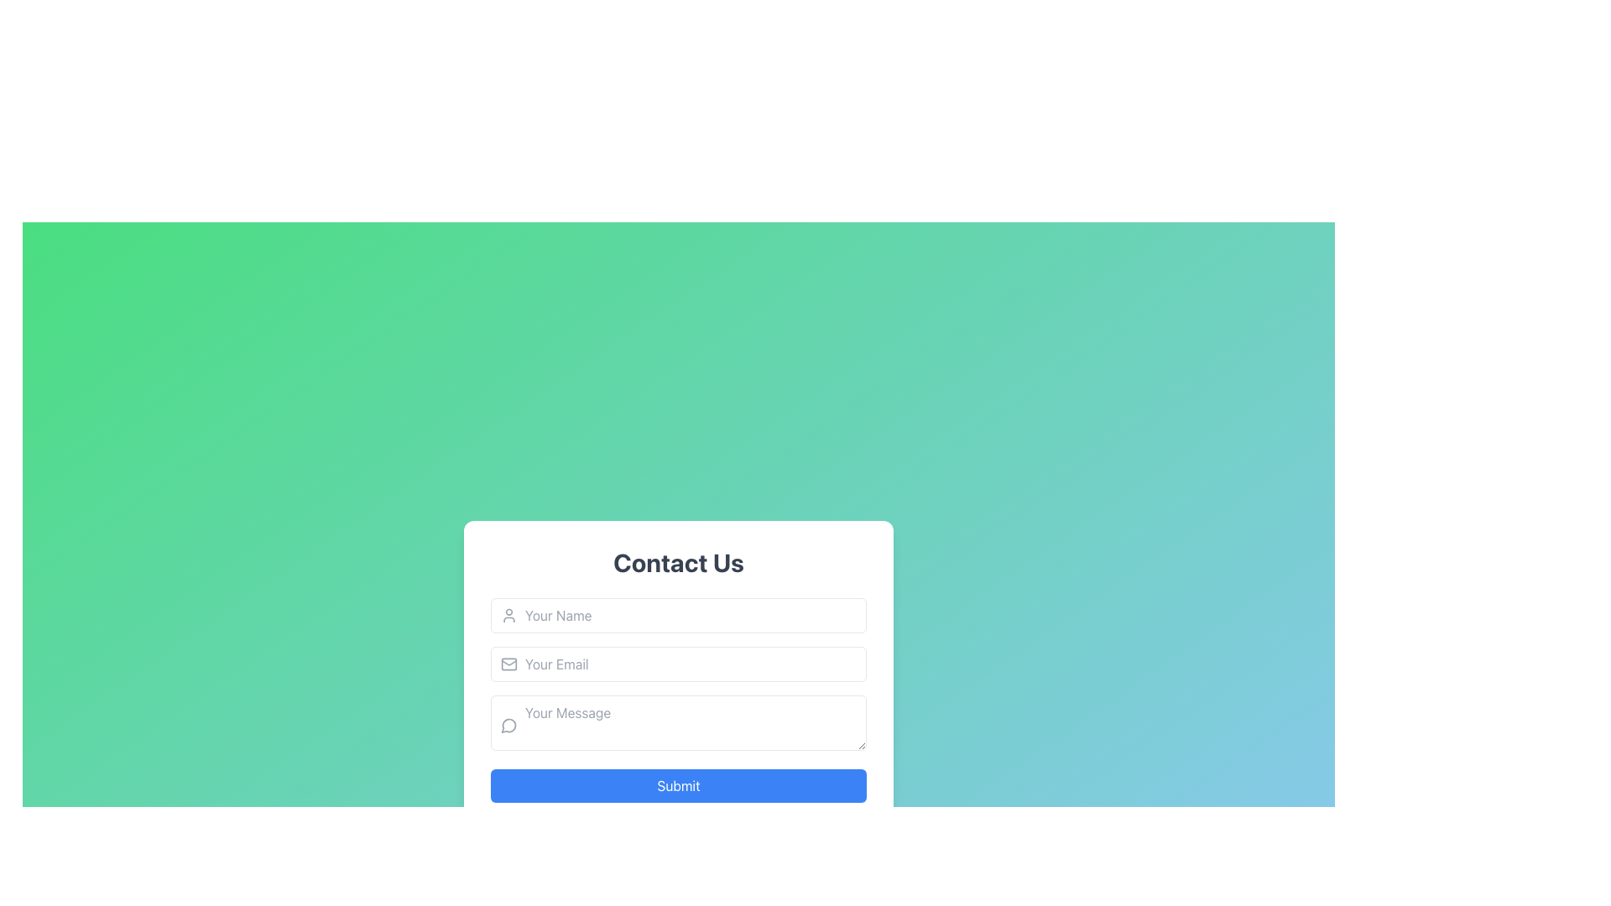 The height and width of the screenshot is (906, 1611). What do you see at coordinates (679, 786) in the screenshot?
I see `the submission button located at the bottom of the 'Contact Us' form` at bounding box center [679, 786].